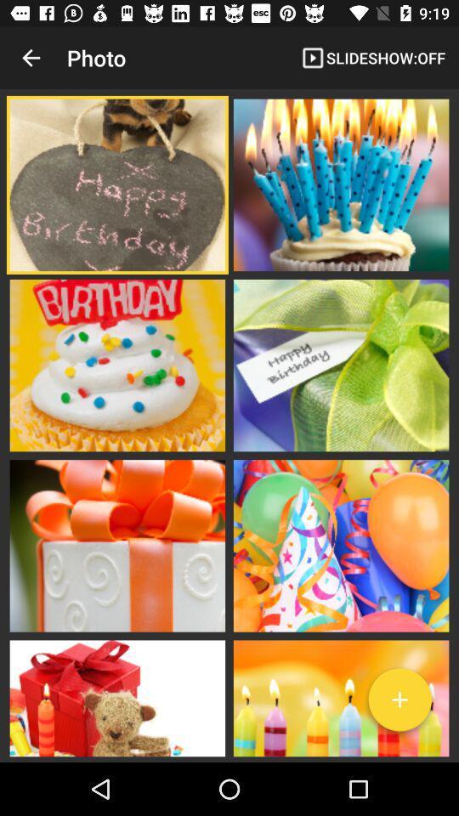  I want to click on the add icon, so click(399, 703).